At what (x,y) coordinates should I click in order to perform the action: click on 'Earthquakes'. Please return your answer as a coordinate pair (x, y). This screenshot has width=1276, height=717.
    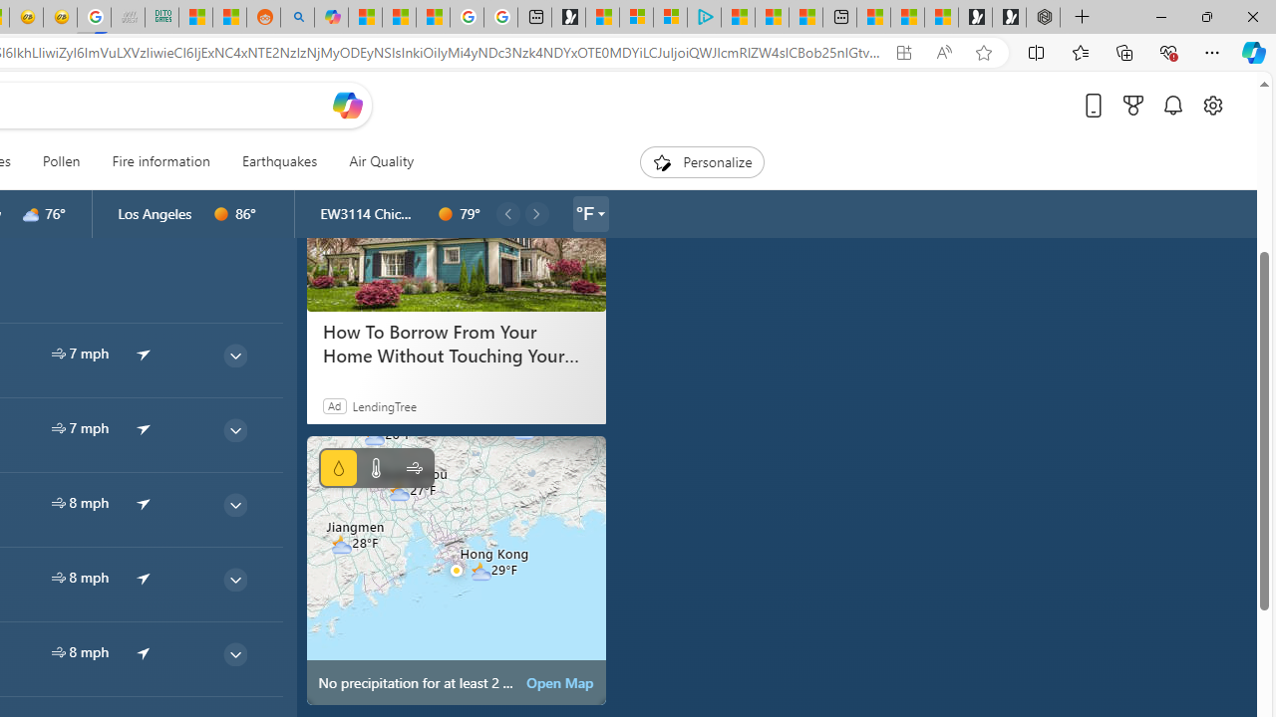
    Looking at the image, I should click on (278, 161).